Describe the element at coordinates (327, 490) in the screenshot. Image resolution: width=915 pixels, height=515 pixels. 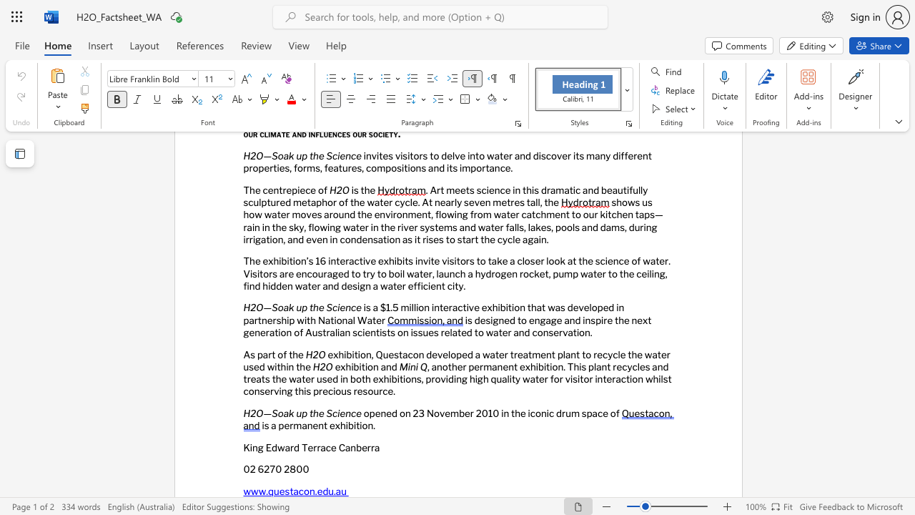
I see `the subset text "u.au" within the text "www.questacon.edu.au"` at that location.